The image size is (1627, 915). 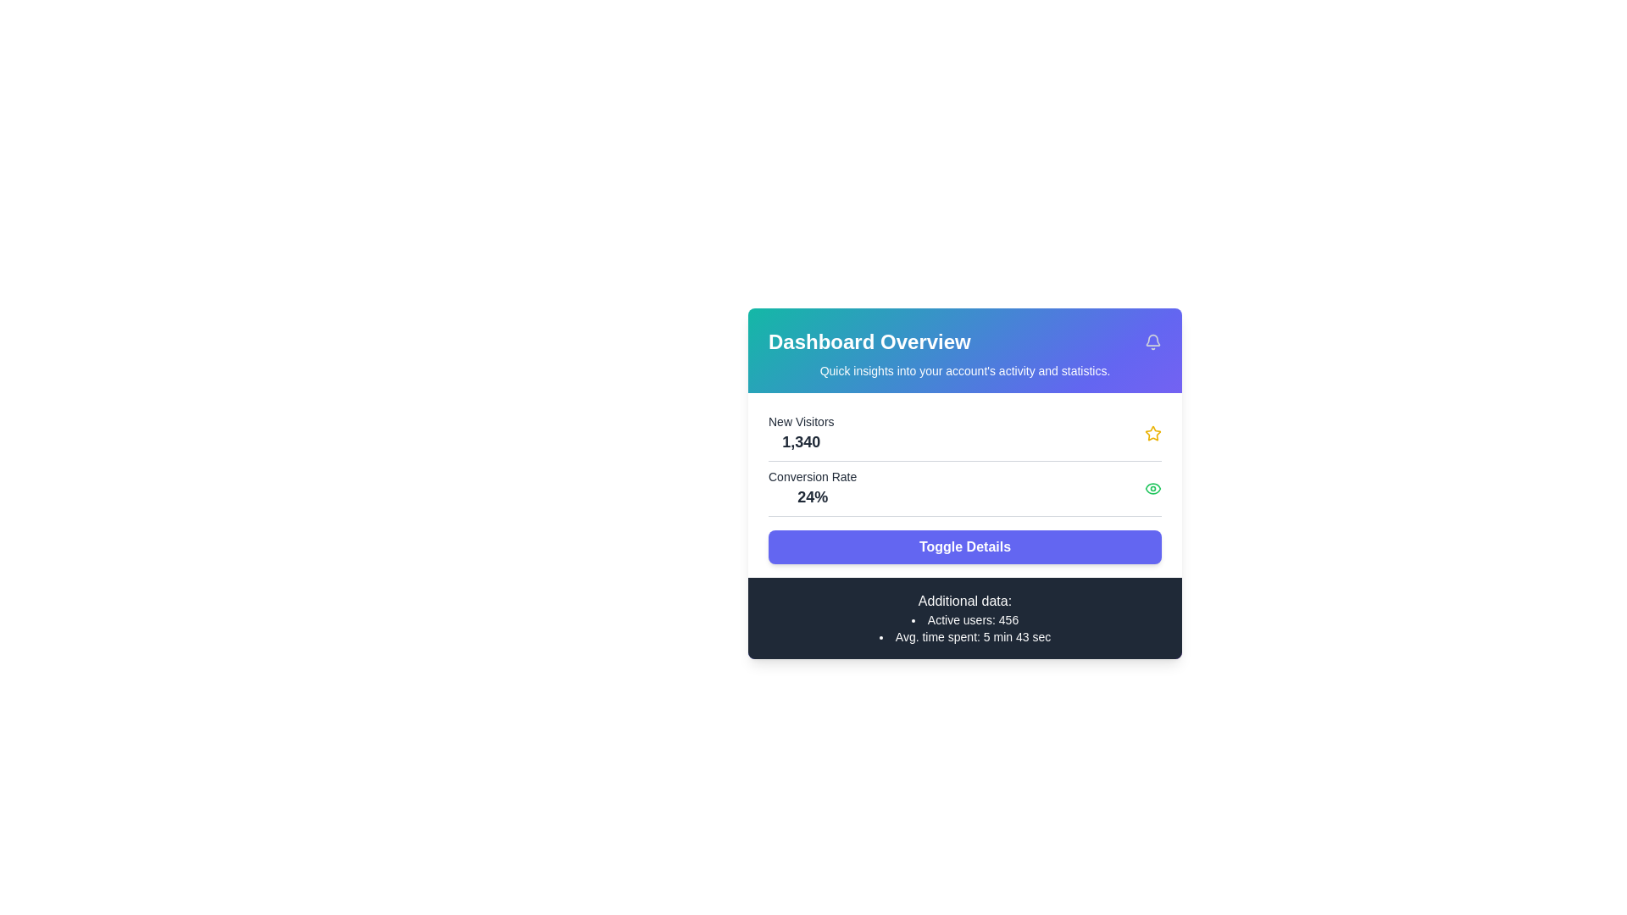 I want to click on the green outlined eye icon located in the 'Conversion Rate' section of the dashboard, positioned to the far-right of the conversion rate label and value, so click(x=1152, y=489).